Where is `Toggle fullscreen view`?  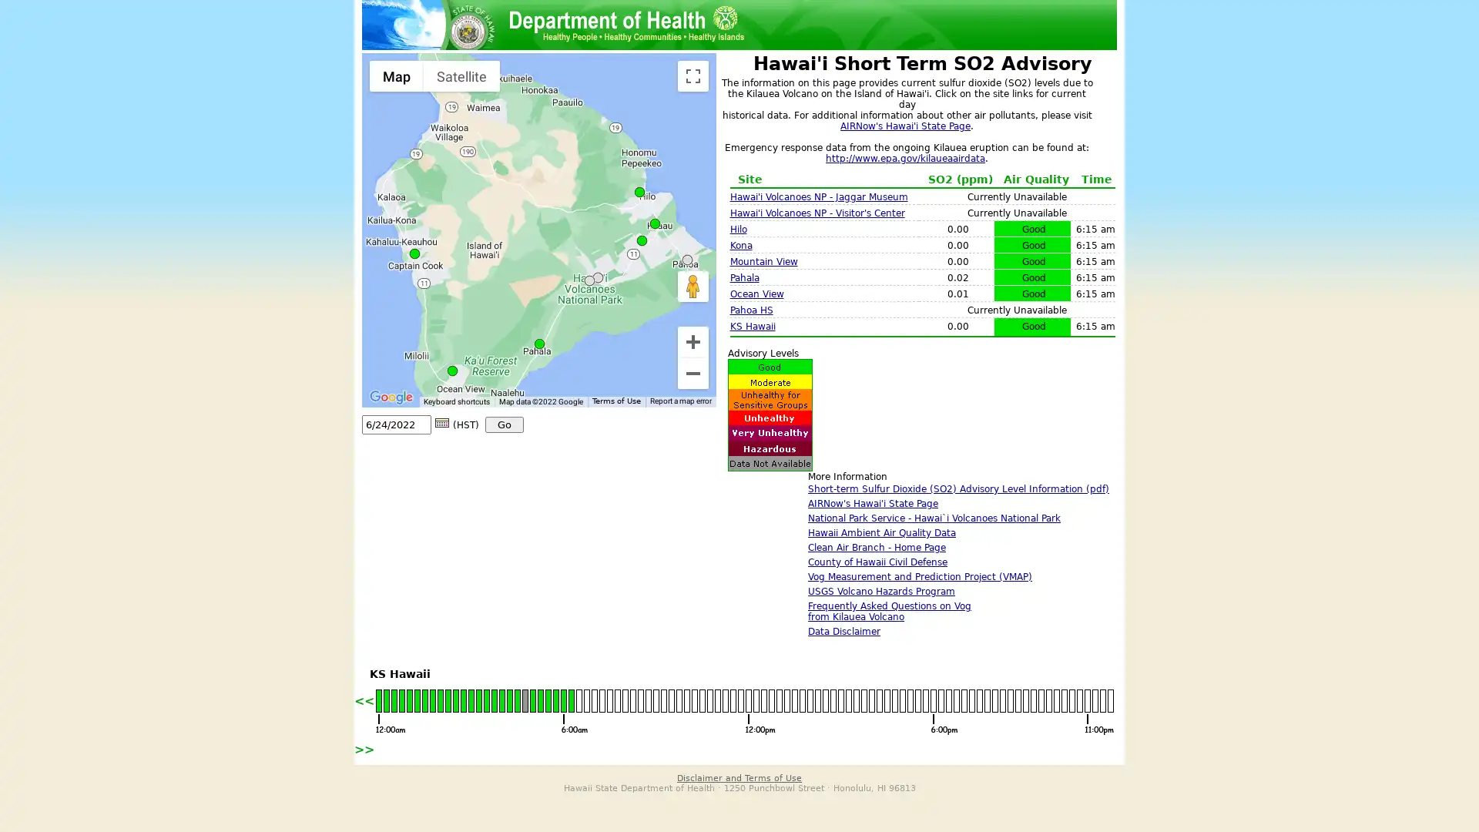
Toggle fullscreen view is located at coordinates (693, 76).